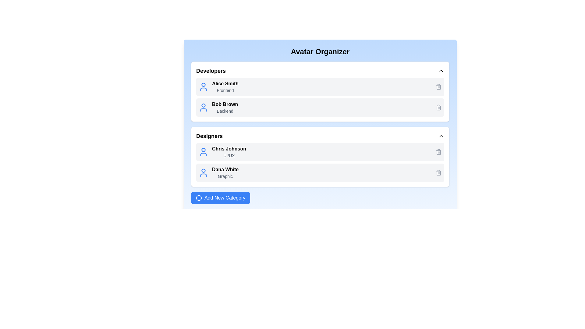  Describe the element at coordinates (199, 198) in the screenshot. I see `the surrounding area of the circular plus icon, which is part of the 'Add New Category' button located at the bottom-left corner of the layout` at that location.